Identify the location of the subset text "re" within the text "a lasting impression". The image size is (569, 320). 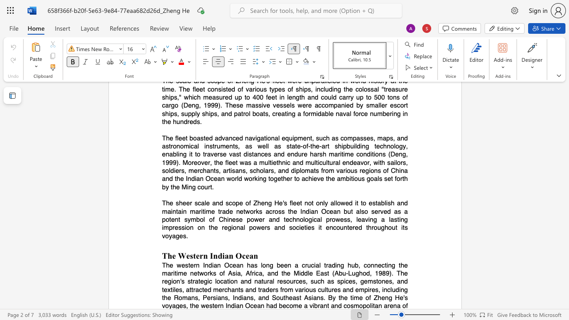
(172, 227).